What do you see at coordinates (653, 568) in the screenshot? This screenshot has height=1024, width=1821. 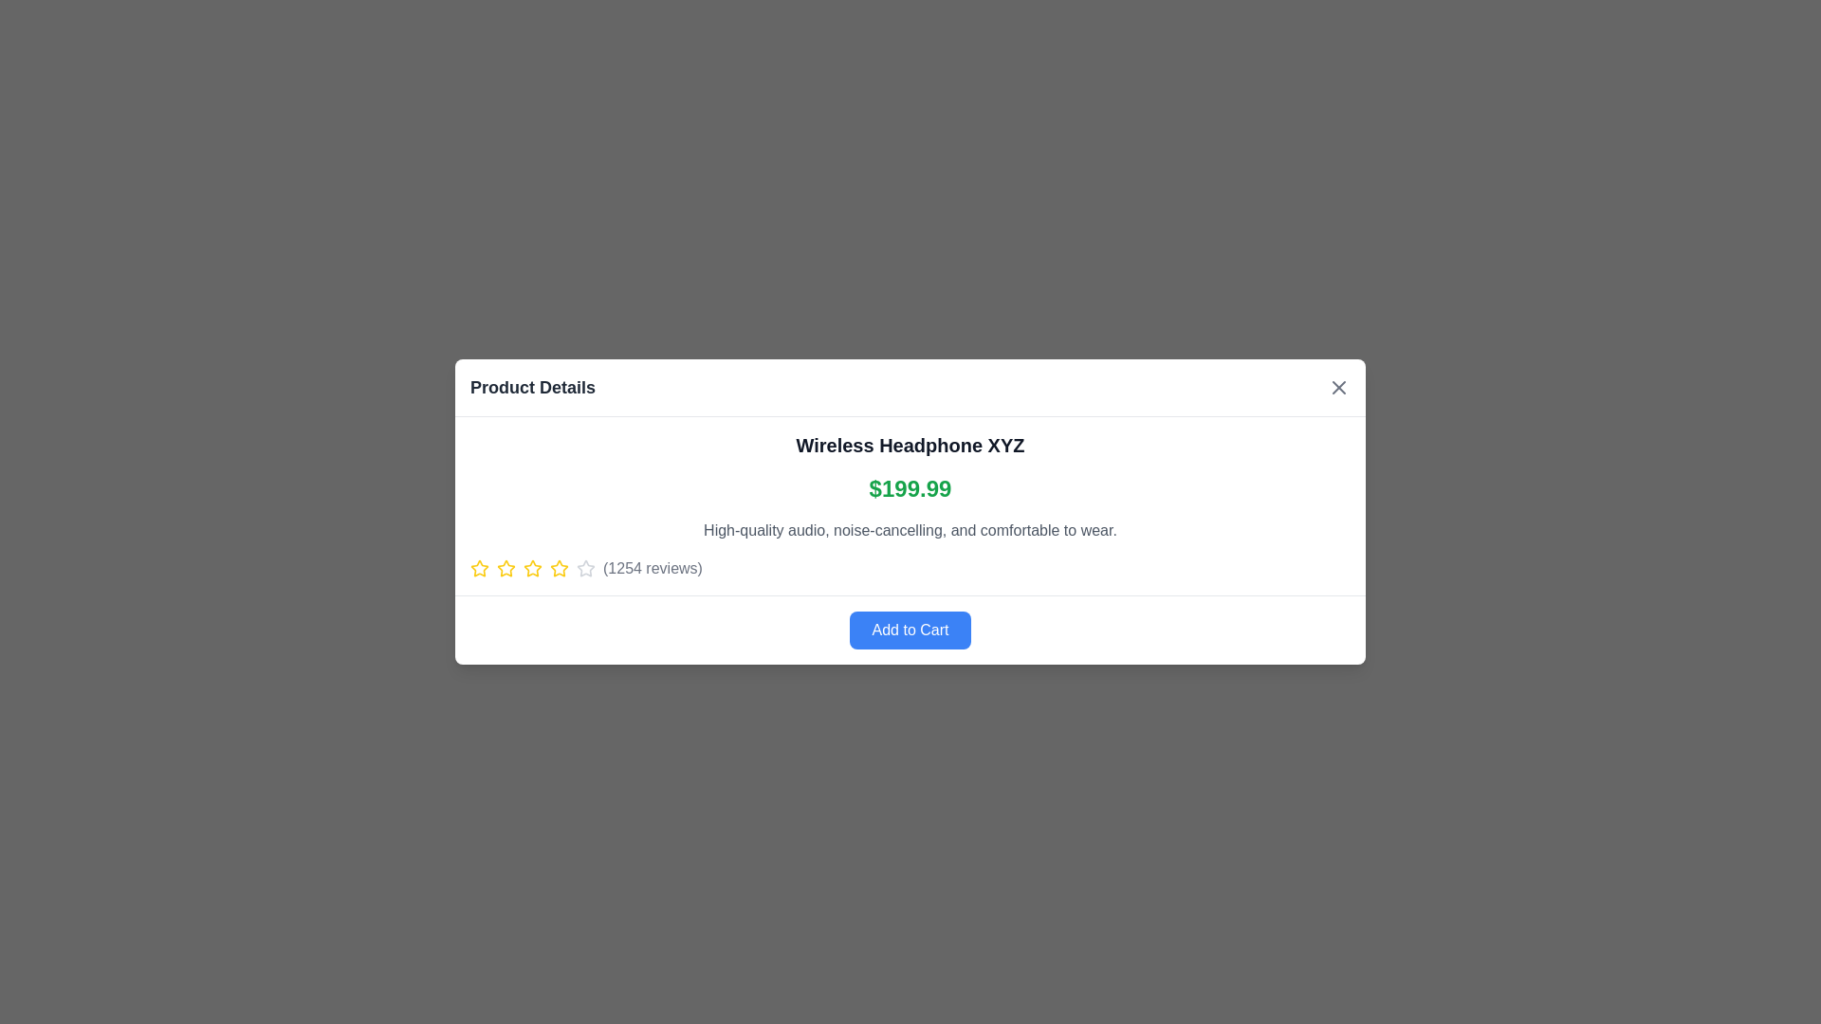 I see `the static text label that indicates the review count for a product, located at the bottom center area of the interface, below the product name and price` at bounding box center [653, 568].